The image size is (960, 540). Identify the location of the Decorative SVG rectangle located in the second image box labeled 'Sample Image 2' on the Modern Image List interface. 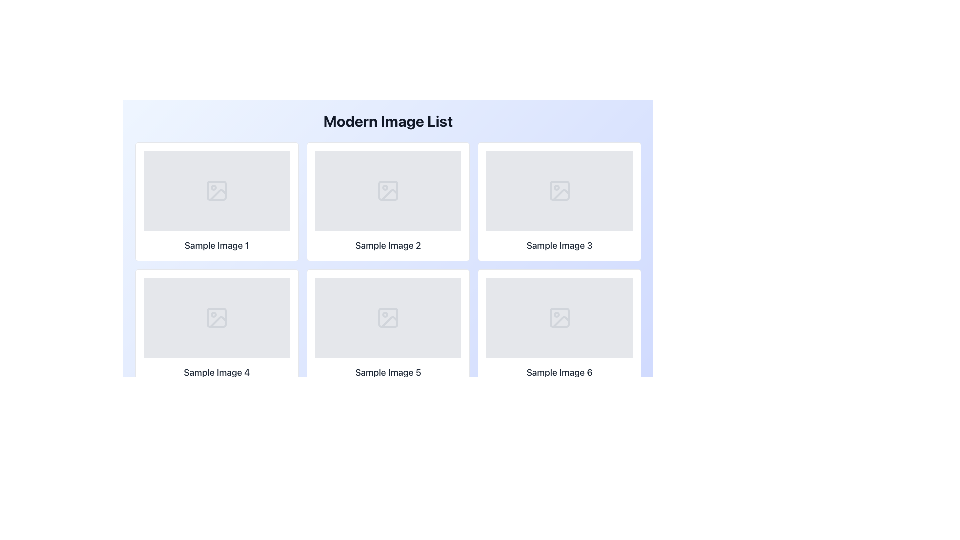
(388, 190).